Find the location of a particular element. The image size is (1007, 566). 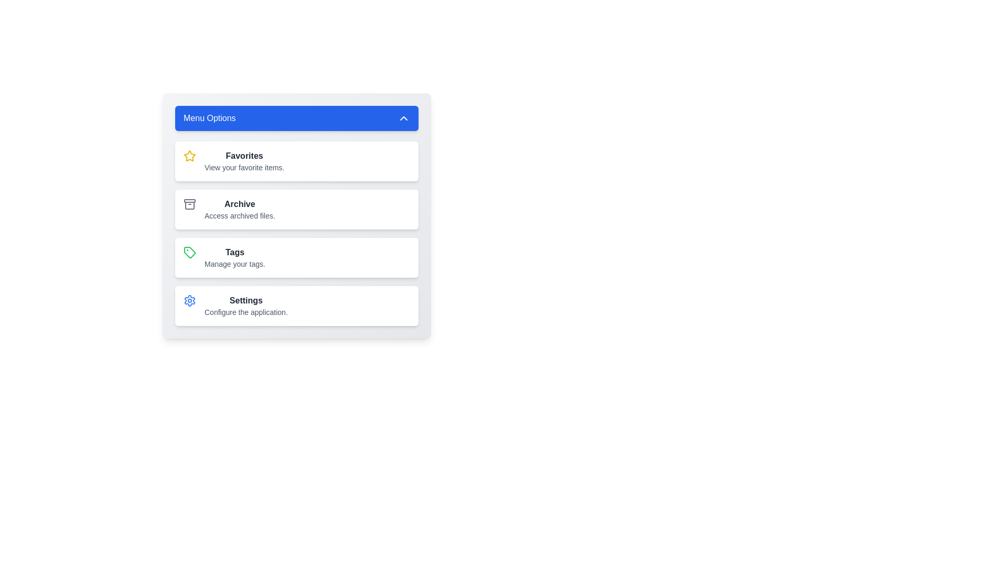

the chevron up icon button located in the top right corner of the 'Menu Options' header area is located at coordinates (403, 118).